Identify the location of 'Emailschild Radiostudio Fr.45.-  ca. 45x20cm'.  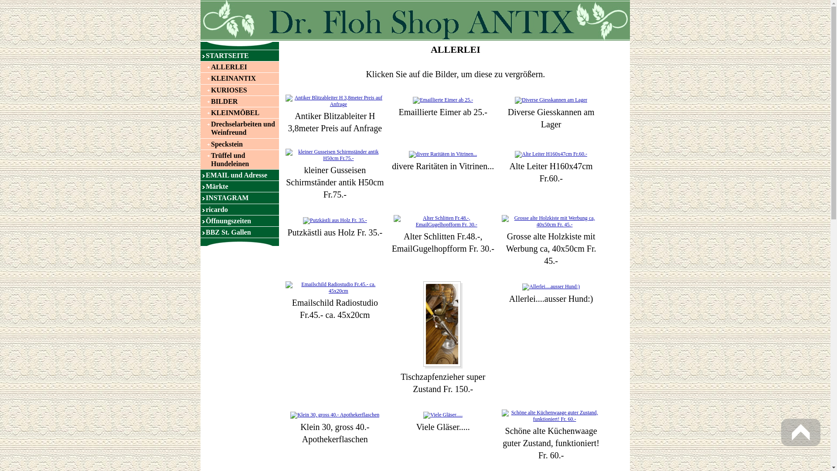
(334, 287).